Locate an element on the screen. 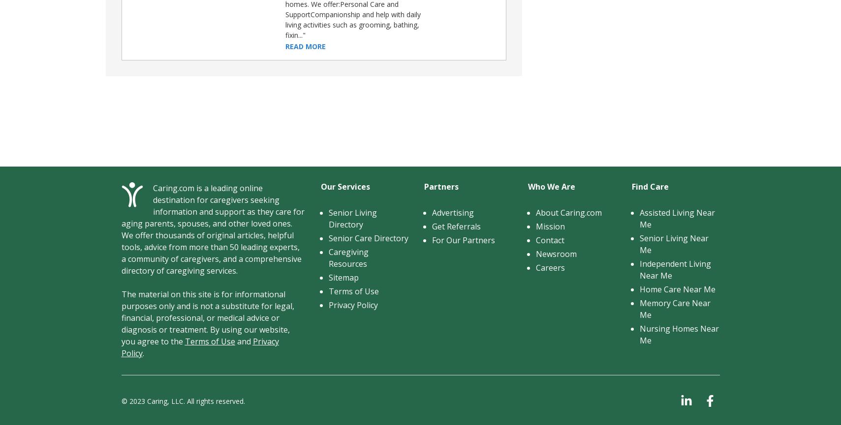  'Caregiving Resources' is located at coordinates (347, 257).